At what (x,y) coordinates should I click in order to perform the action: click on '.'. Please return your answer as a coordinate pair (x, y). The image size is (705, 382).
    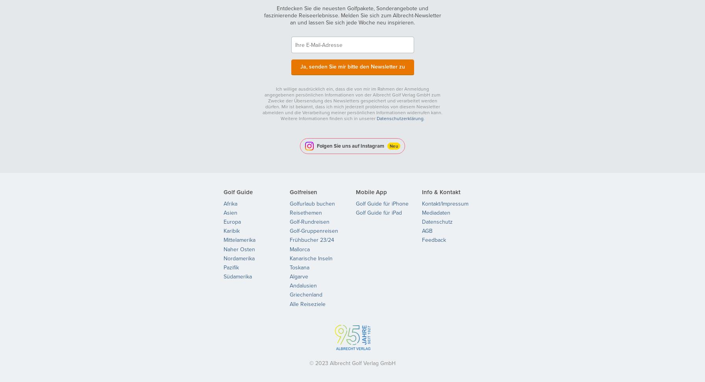
    Looking at the image, I should click on (422, 118).